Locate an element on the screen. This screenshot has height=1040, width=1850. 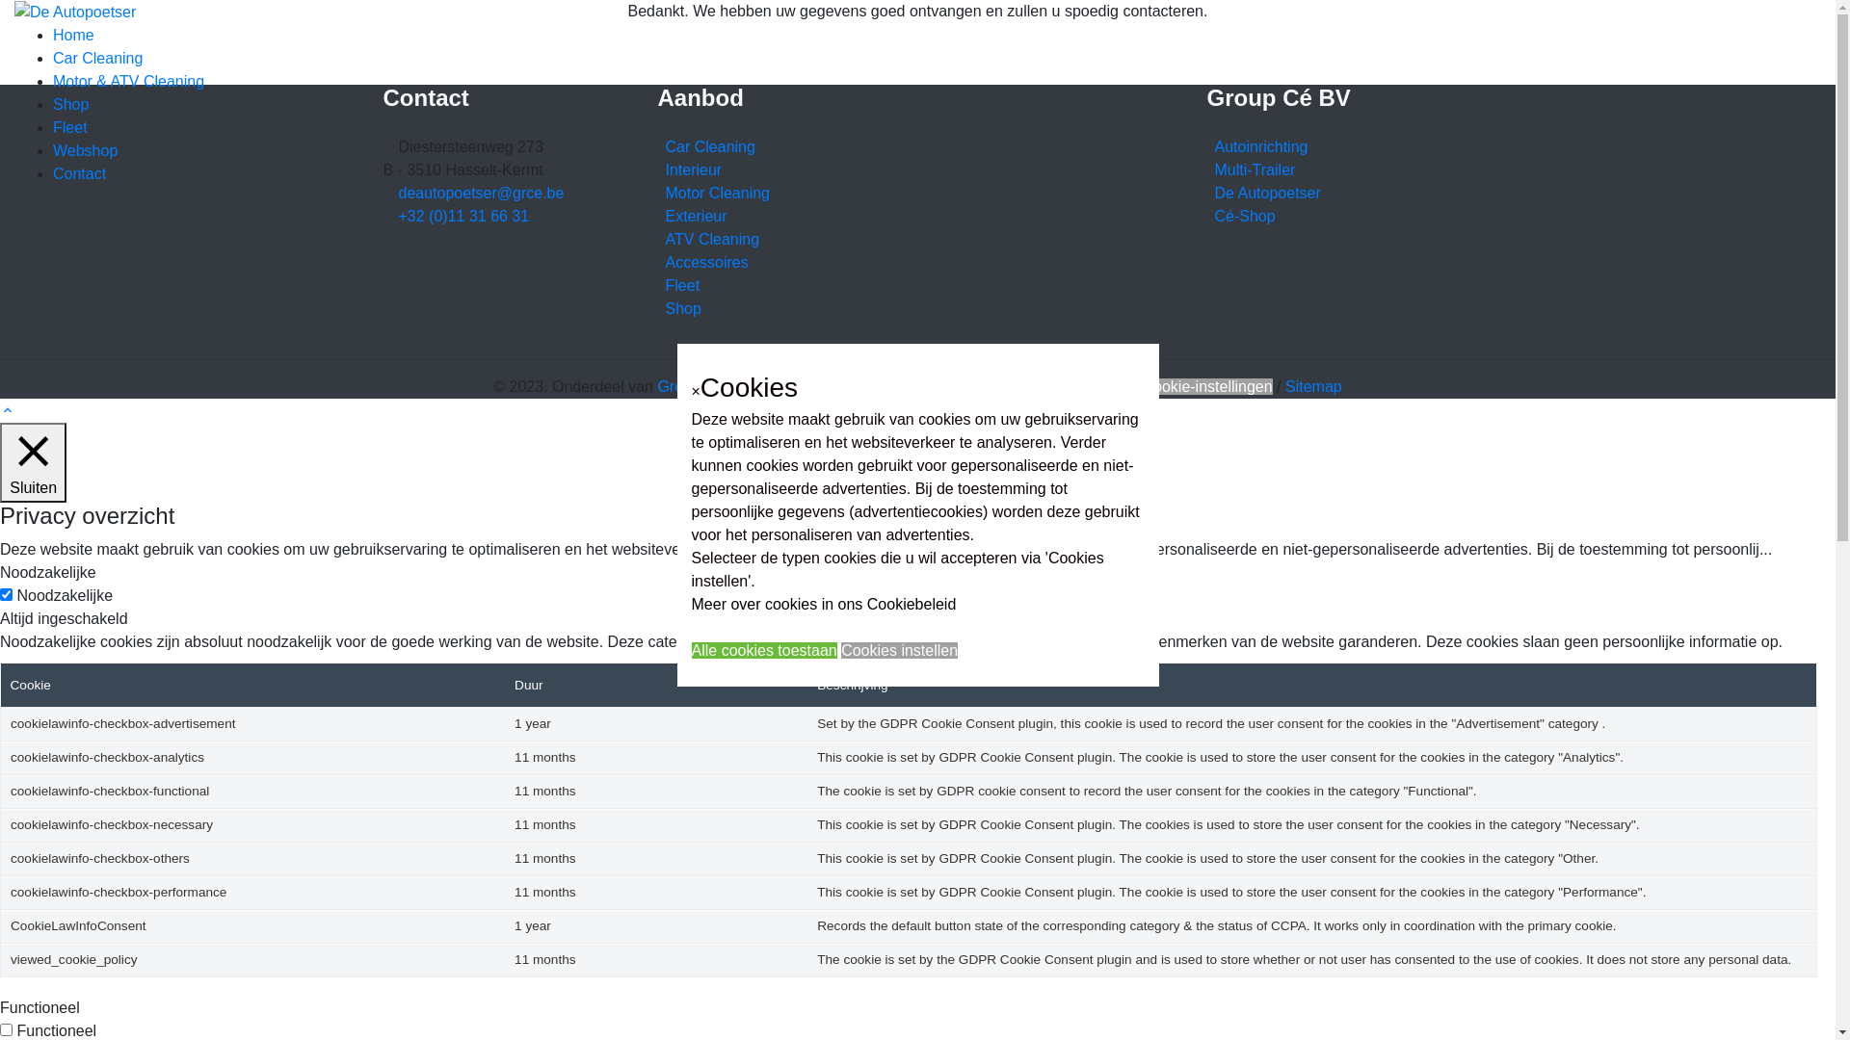
'Sluiten' is located at coordinates (33, 462).